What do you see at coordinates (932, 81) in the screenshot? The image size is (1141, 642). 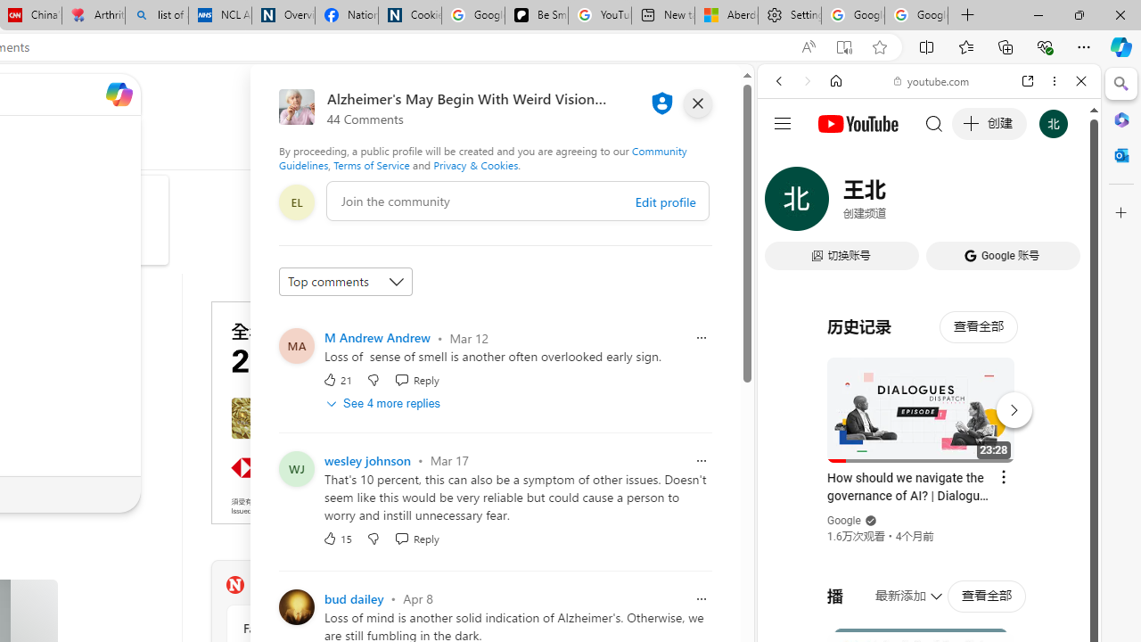 I see `'youtube.com'` at bounding box center [932, 81].